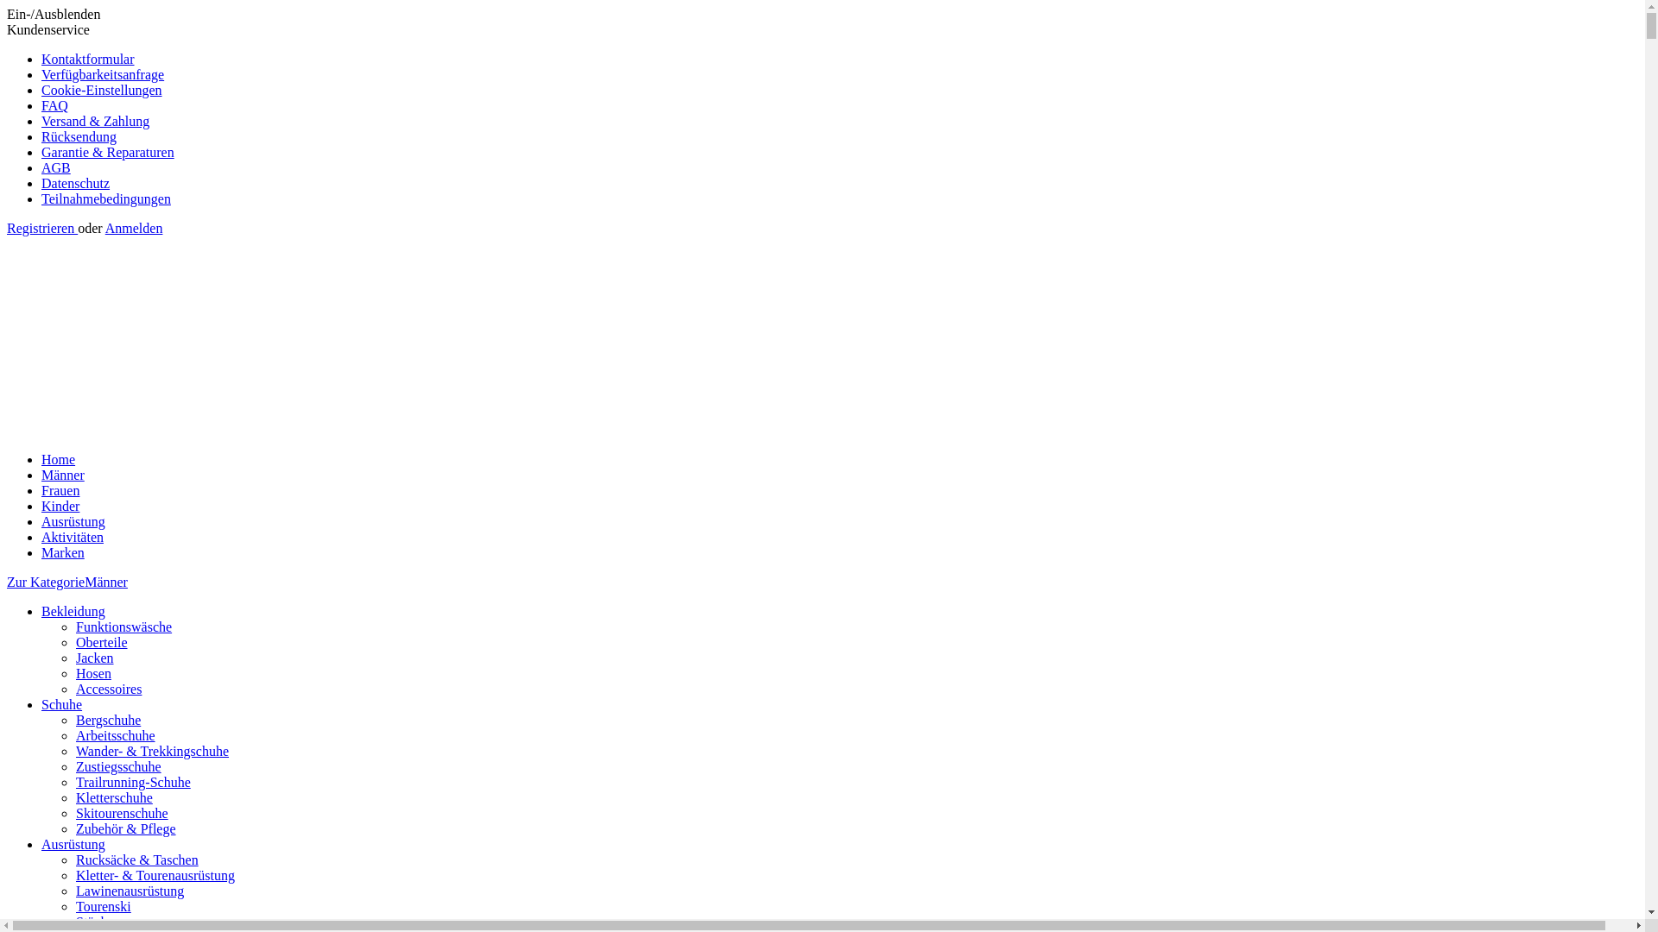  Describe the element at coordinates (74, 905) in the screenshot. I see `'Tourenski'` at that location.